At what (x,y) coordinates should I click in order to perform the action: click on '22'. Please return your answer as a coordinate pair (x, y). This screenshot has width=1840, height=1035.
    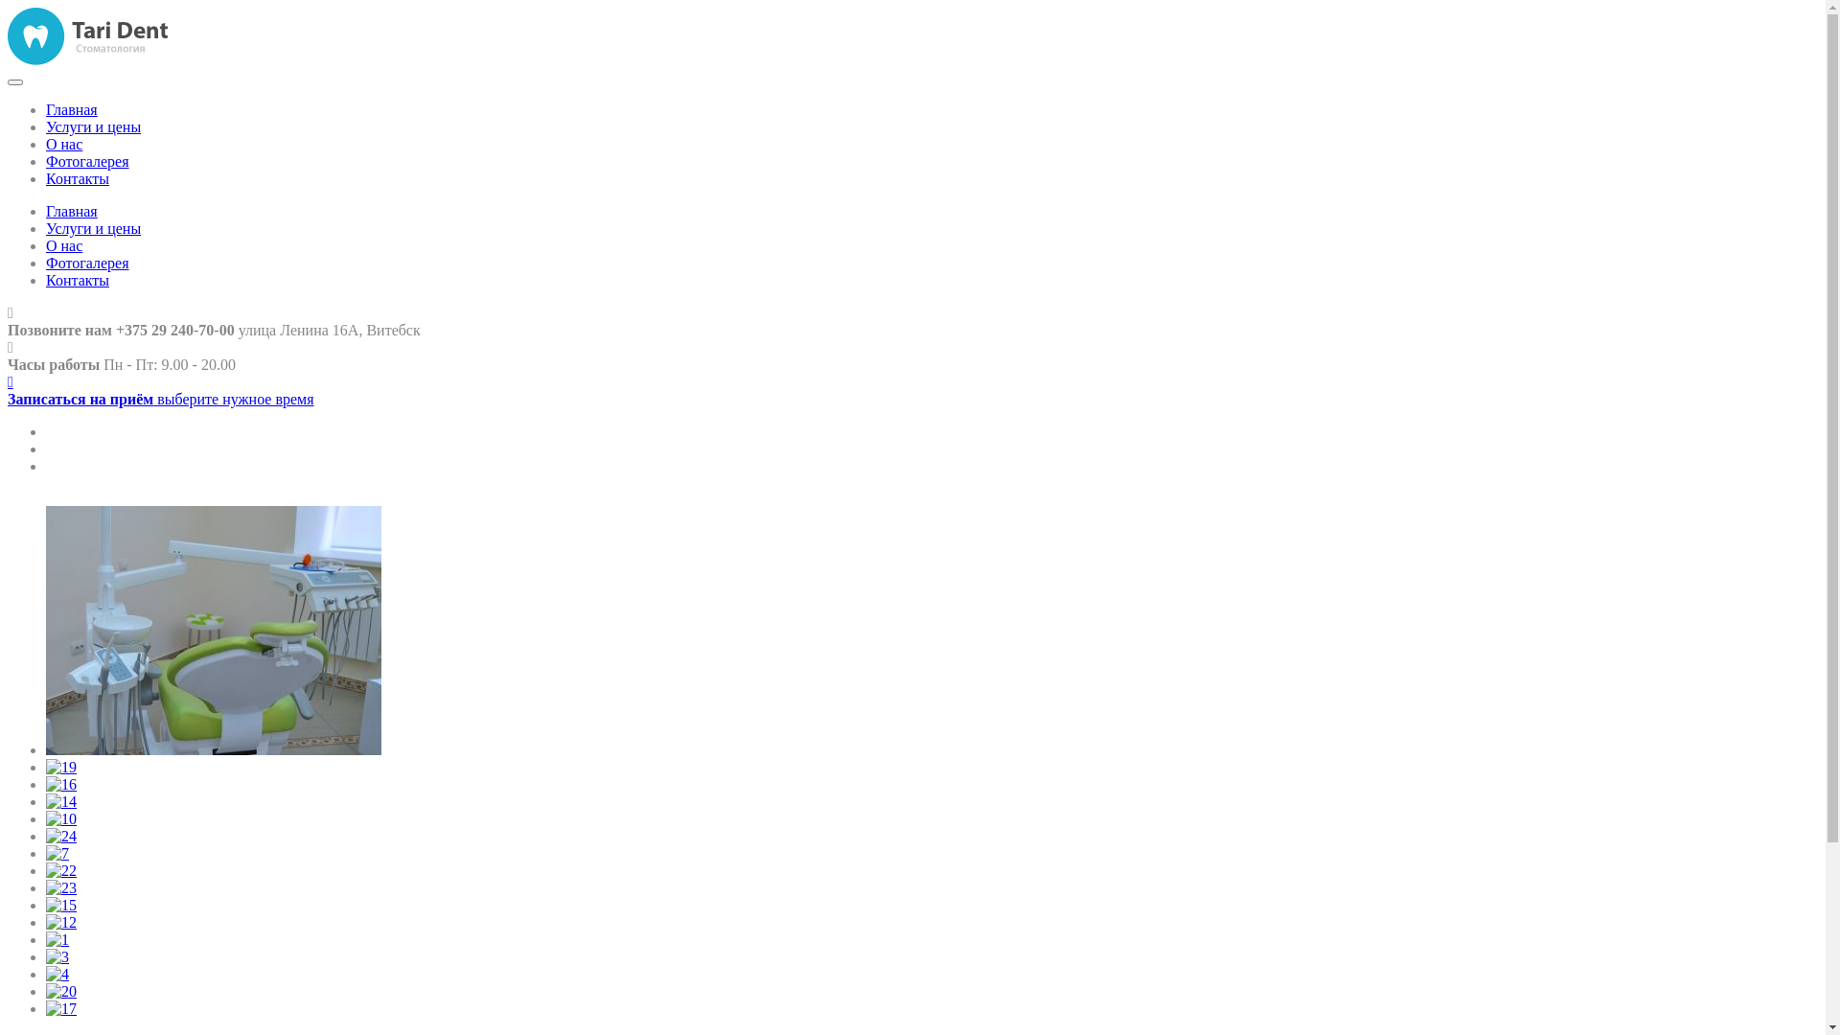
    Looking at the image, I should click on (60, 871).